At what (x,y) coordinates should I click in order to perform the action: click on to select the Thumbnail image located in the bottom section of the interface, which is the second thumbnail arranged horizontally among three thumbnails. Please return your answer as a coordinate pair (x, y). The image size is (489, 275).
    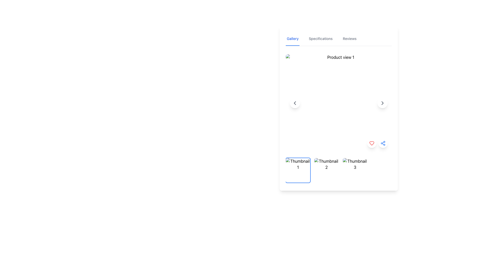
    Looking at the image, I should click on (326, 170).